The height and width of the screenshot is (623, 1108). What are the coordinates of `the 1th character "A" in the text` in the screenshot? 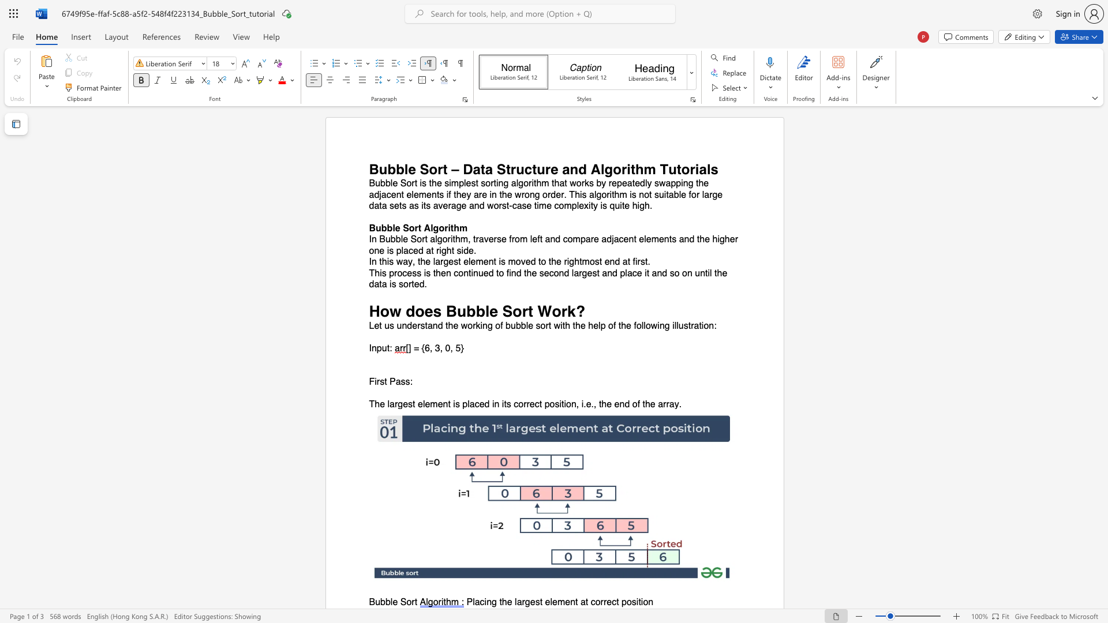 It's located at (426, 228).